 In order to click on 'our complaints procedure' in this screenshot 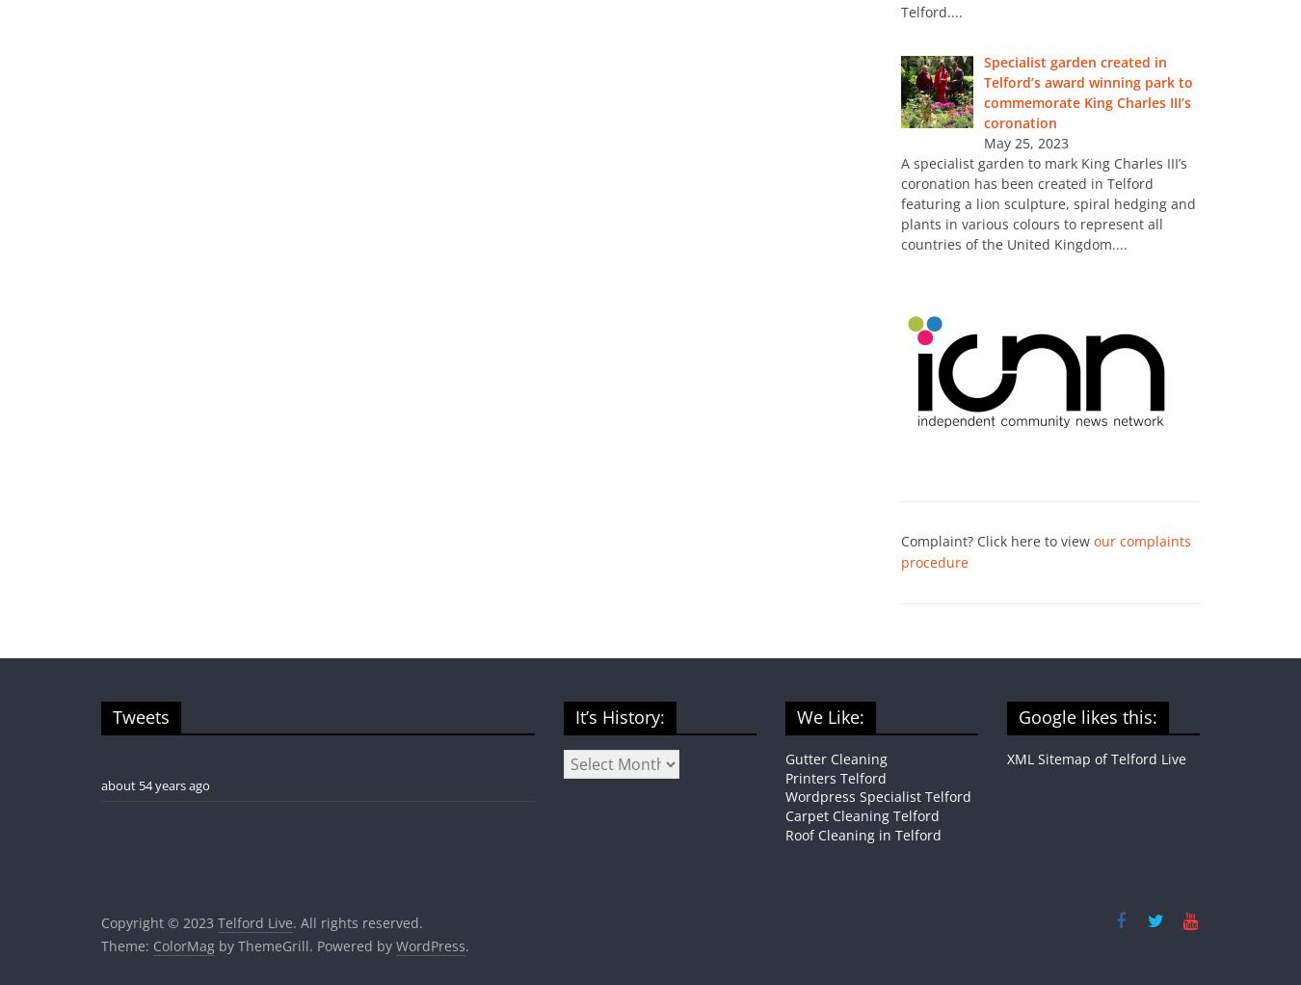, I will do `click(1046, 551)`.